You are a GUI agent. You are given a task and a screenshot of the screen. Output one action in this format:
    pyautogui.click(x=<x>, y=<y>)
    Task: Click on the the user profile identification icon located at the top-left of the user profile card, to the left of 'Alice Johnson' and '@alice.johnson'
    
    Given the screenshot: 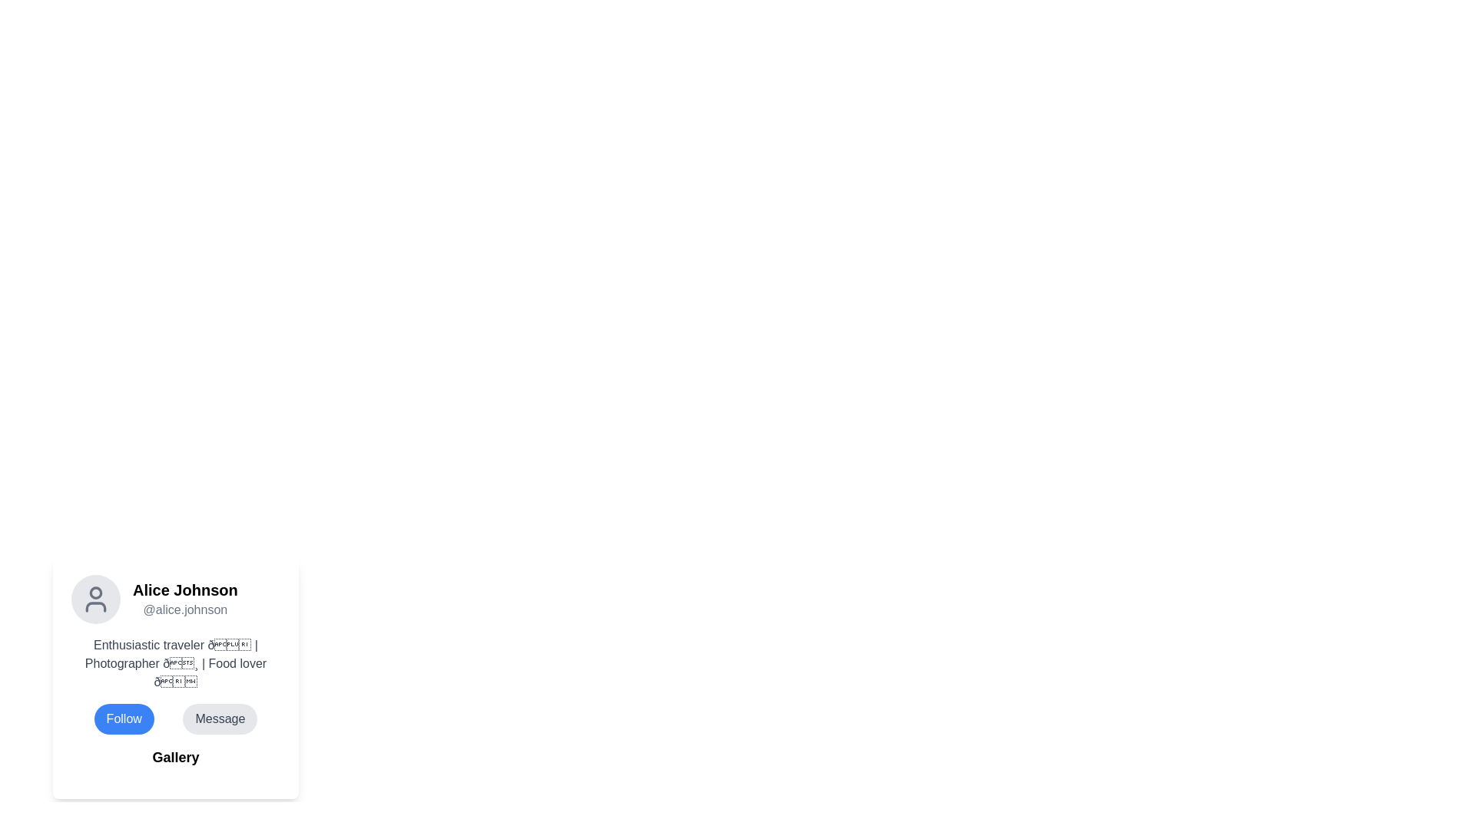 What is the action you would take?
    pyautogui.click(x=94, y=598)
    